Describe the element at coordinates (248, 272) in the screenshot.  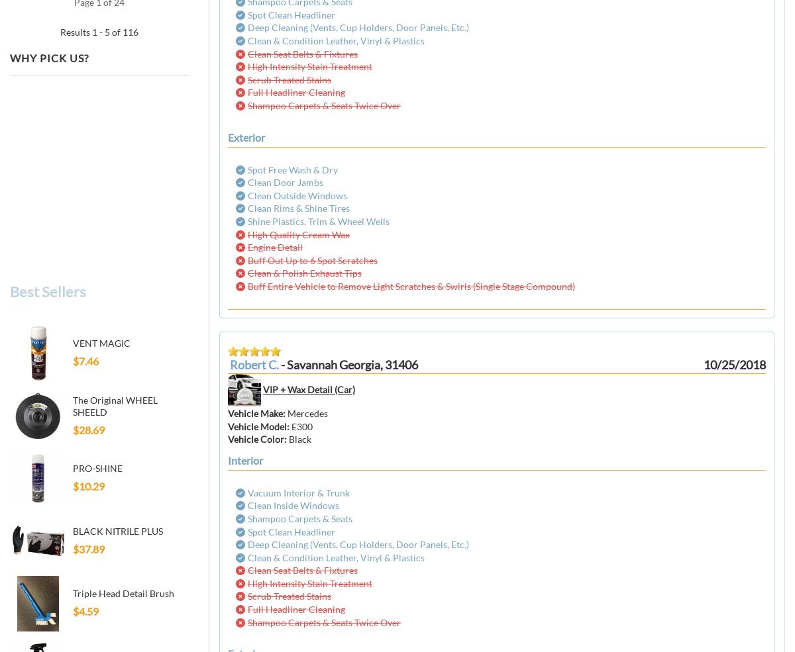
I see `'Clean & Polish Exhaust Tips'` at that location.